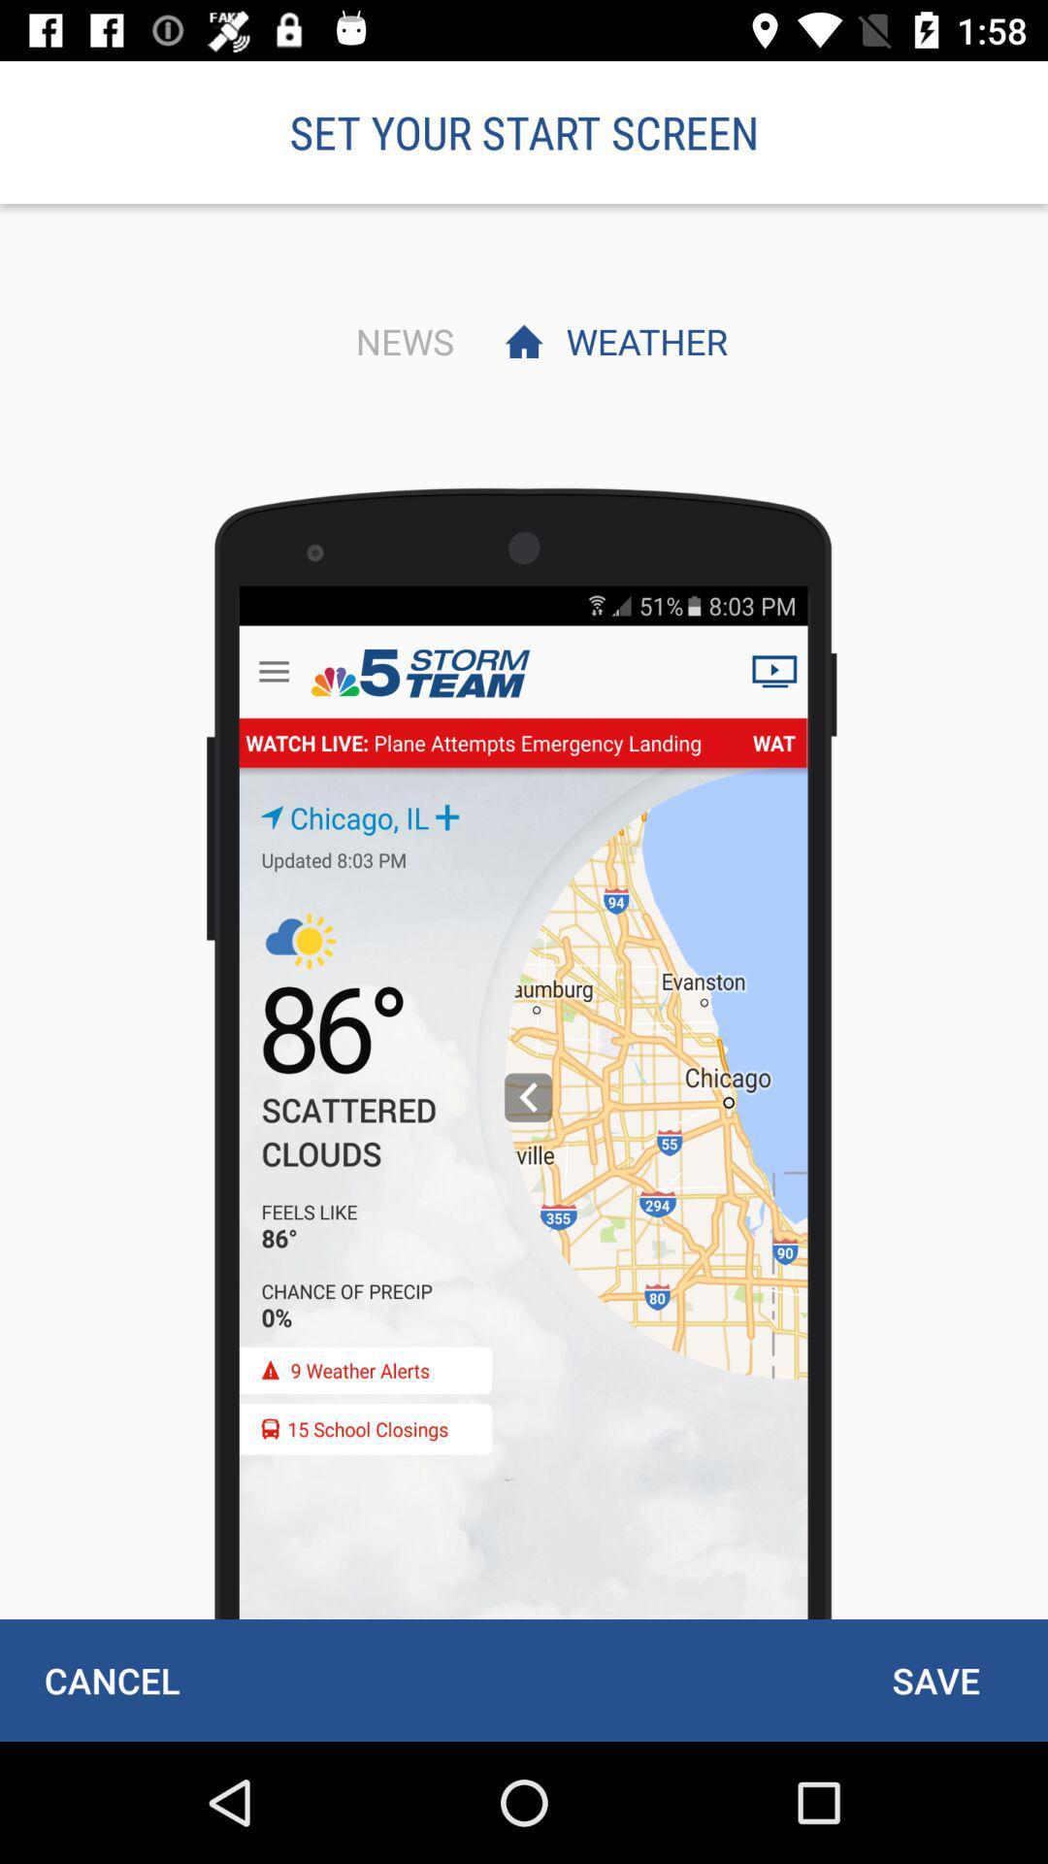 This screenshot has height=1864, width=1048. What do you see at coordinates (399, 341) in the screenshot?
I see `the icon to the left of weather item` at bounding box center [399, 341].